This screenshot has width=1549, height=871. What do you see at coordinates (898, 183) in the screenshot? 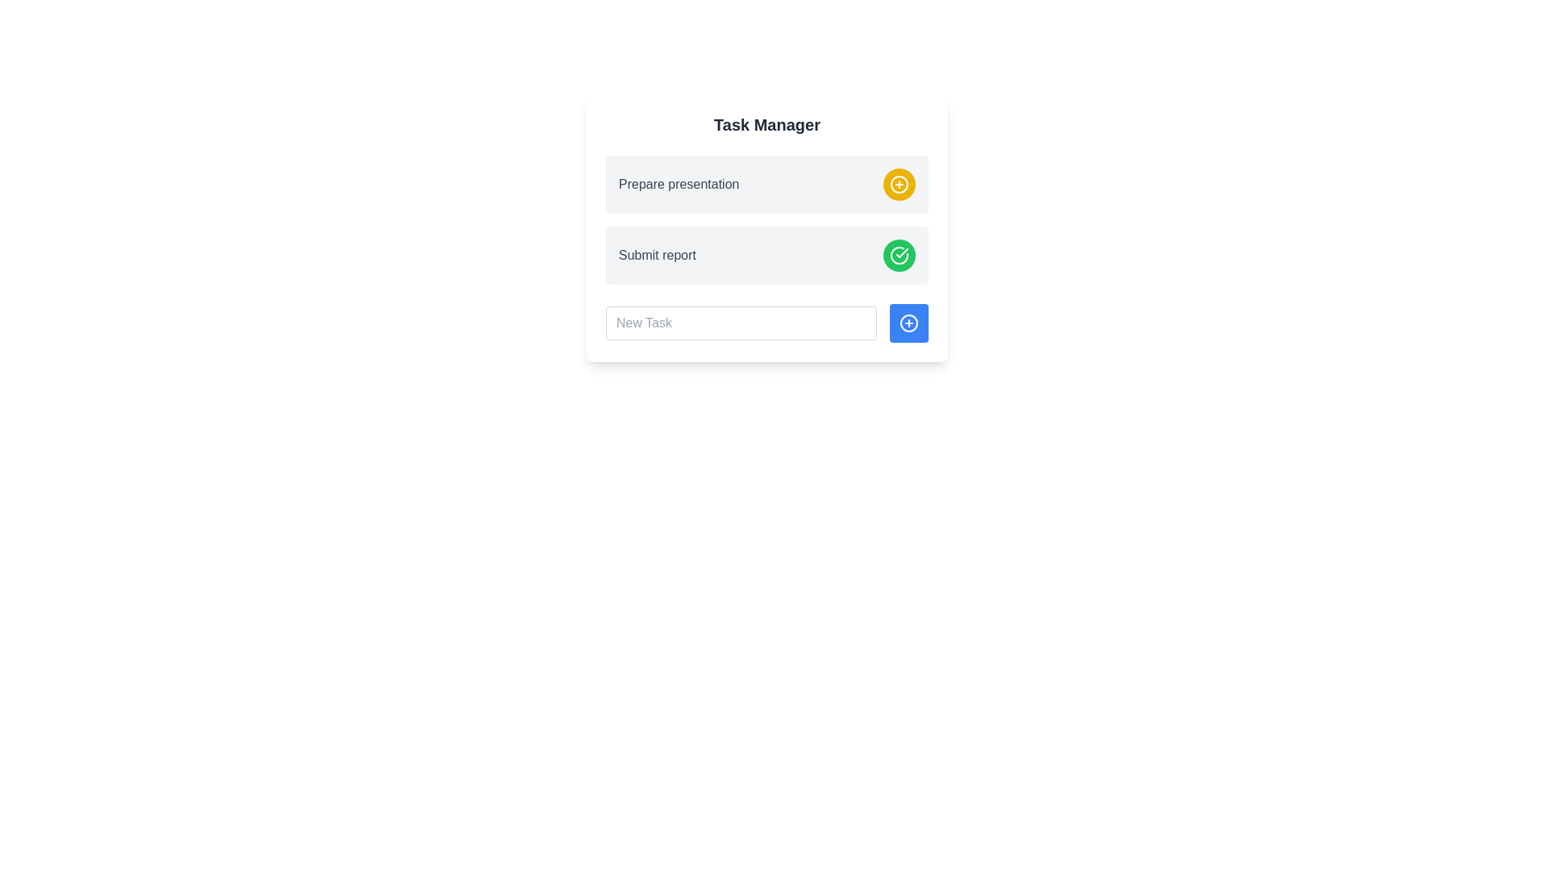
I see `the decorative circular UI component that represents the operation related to the task item 'Prepare presentation' located in the upper section of the interface` at bounding box center [898, 183].